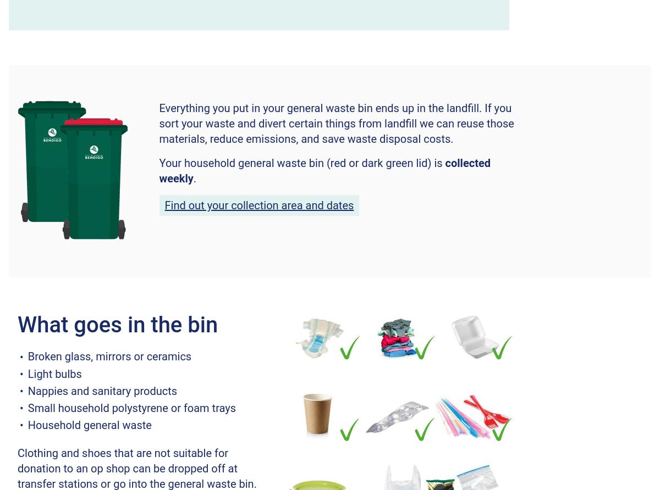 The image size is (660, 490). Describe the element at coordinates (324, 171) in the screenshot. I see `'collected weekly'` at that location.